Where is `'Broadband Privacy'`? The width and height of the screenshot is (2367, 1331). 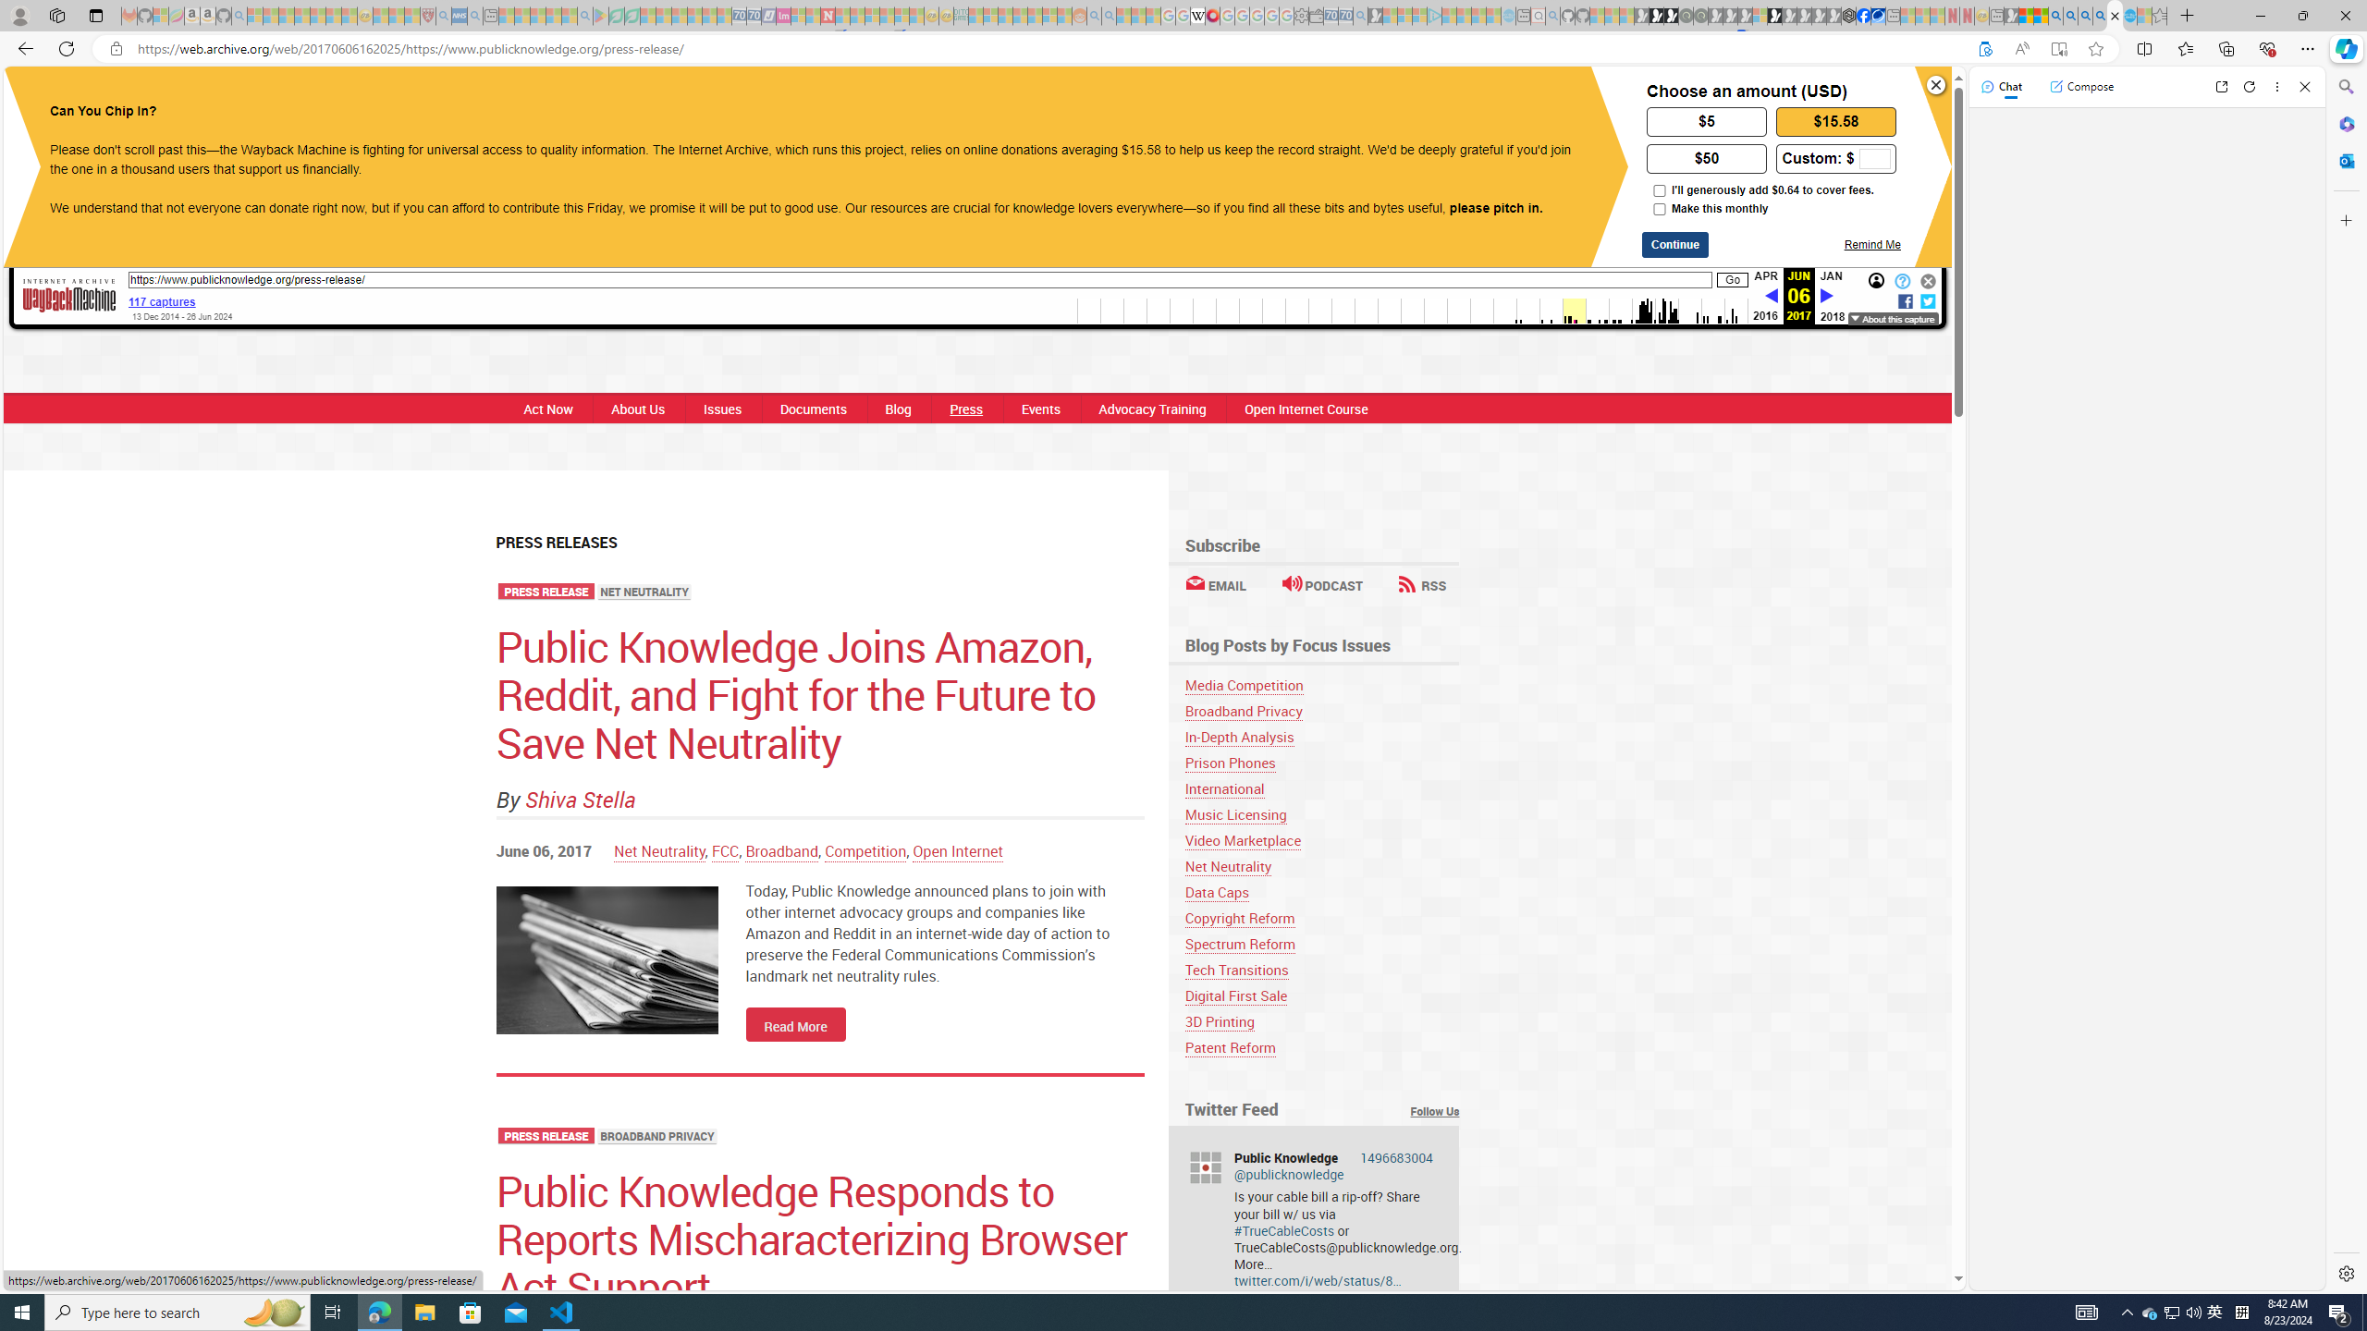
'Broadband Privacy' is located at coordinates (1243, 711).